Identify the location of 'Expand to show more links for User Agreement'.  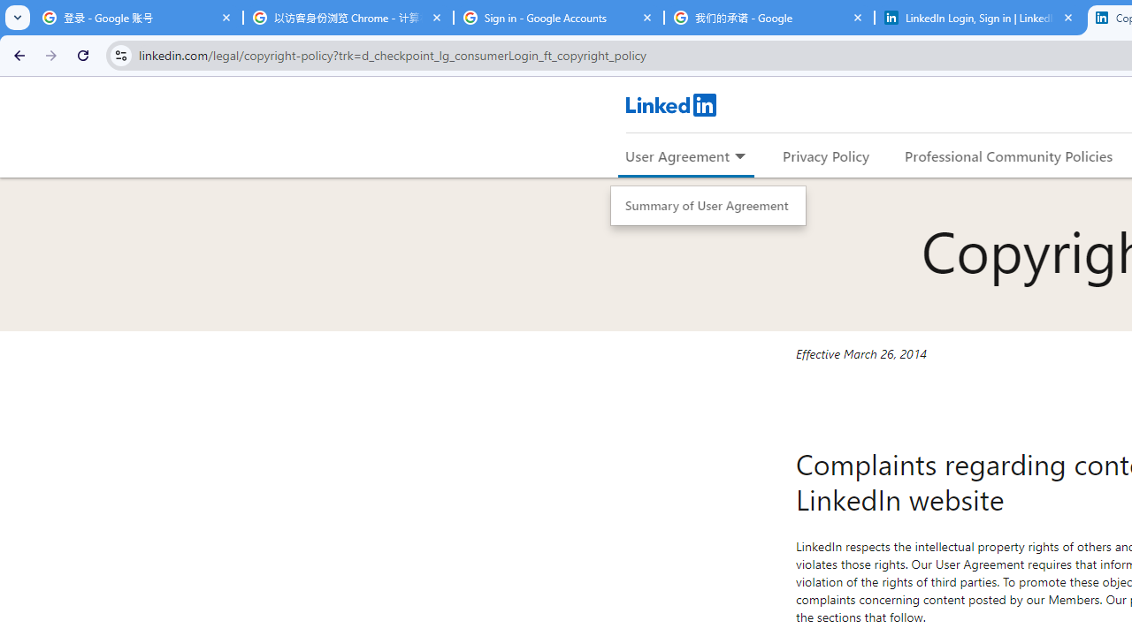
(739, 156).